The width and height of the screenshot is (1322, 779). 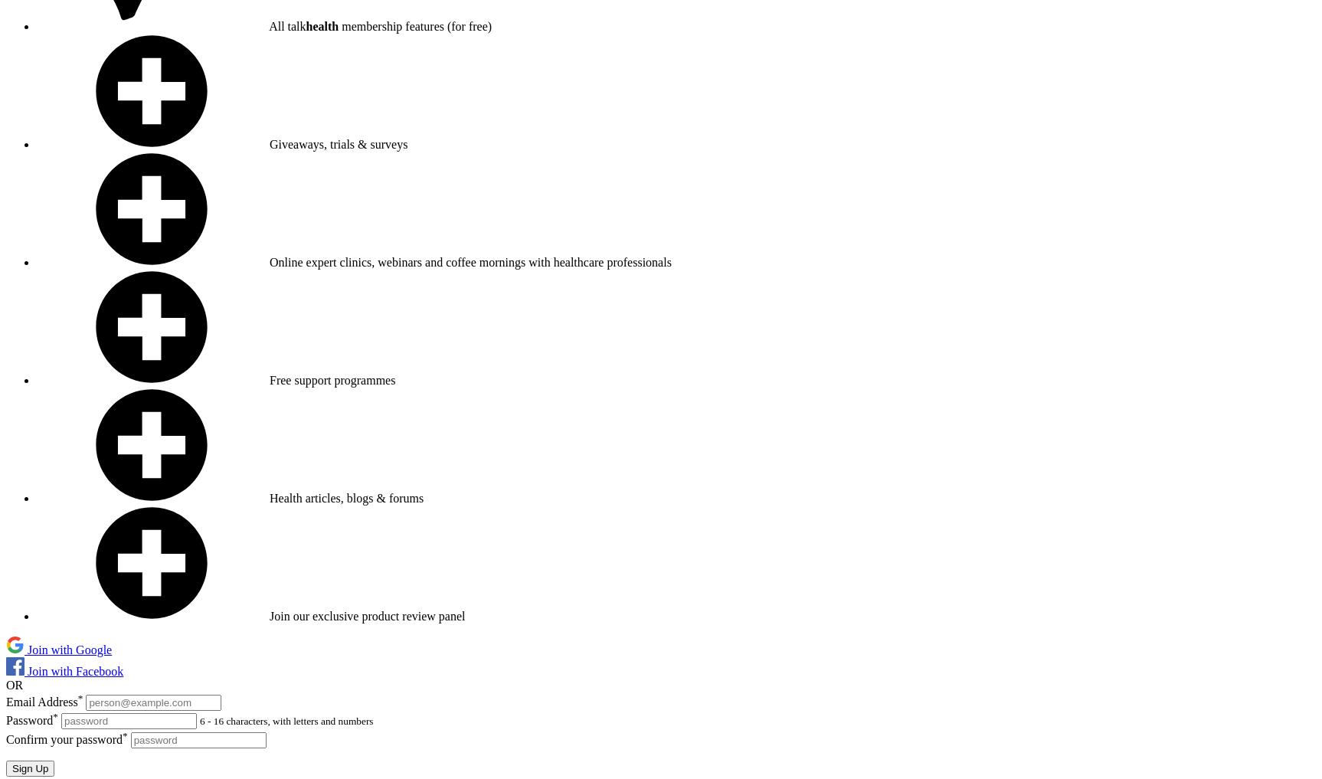 I want to click on 'health', so click(x=322, y=25).